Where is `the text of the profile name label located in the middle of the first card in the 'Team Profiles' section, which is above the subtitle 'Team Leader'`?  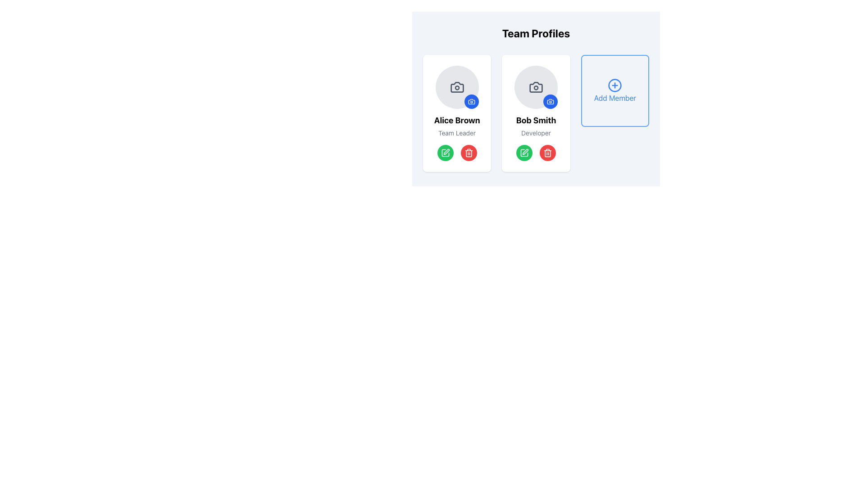 the text of the profile name label located in the middle of the first card in the 'Team Profiles' section, which is above the subtitle 'Team Leader' is located at coordinates (457, 120).